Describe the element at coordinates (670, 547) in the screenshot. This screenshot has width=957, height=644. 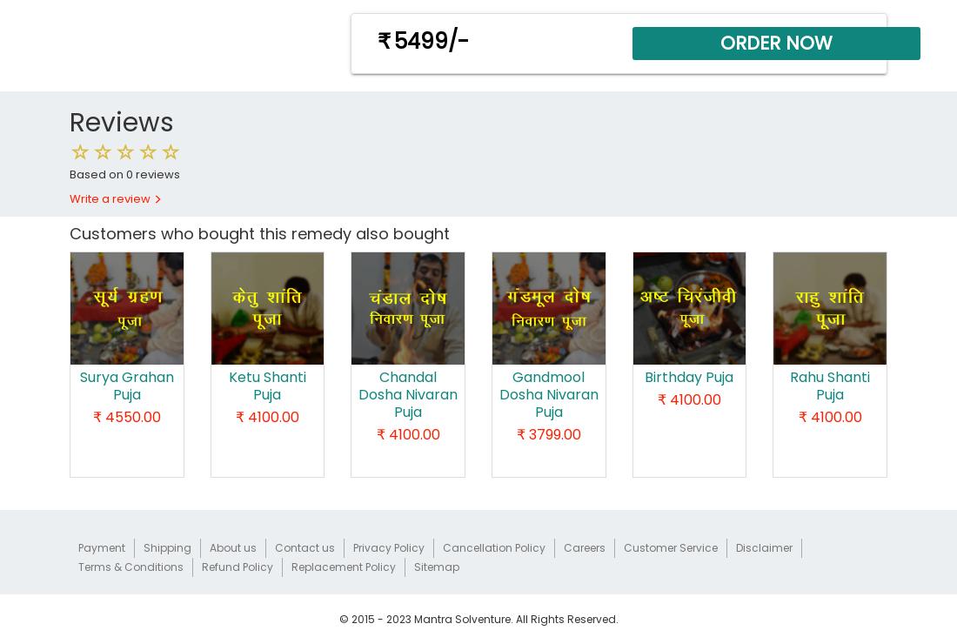
I see `'Customer Service'` at that location.